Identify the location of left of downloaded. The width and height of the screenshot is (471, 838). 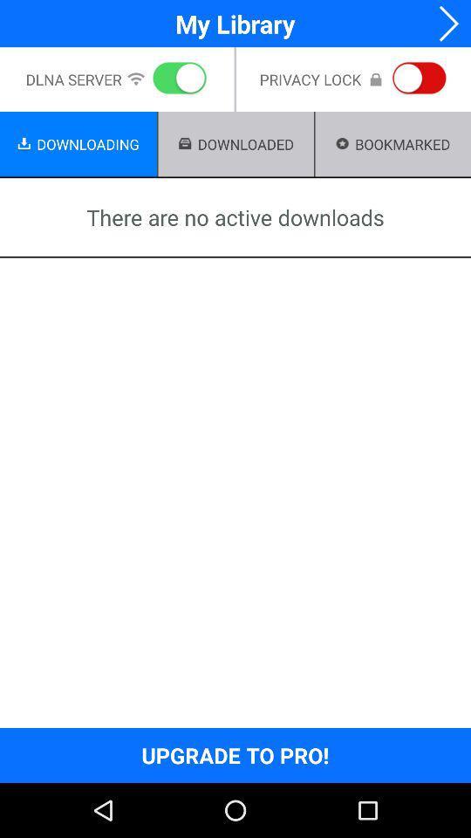
(184, 143).